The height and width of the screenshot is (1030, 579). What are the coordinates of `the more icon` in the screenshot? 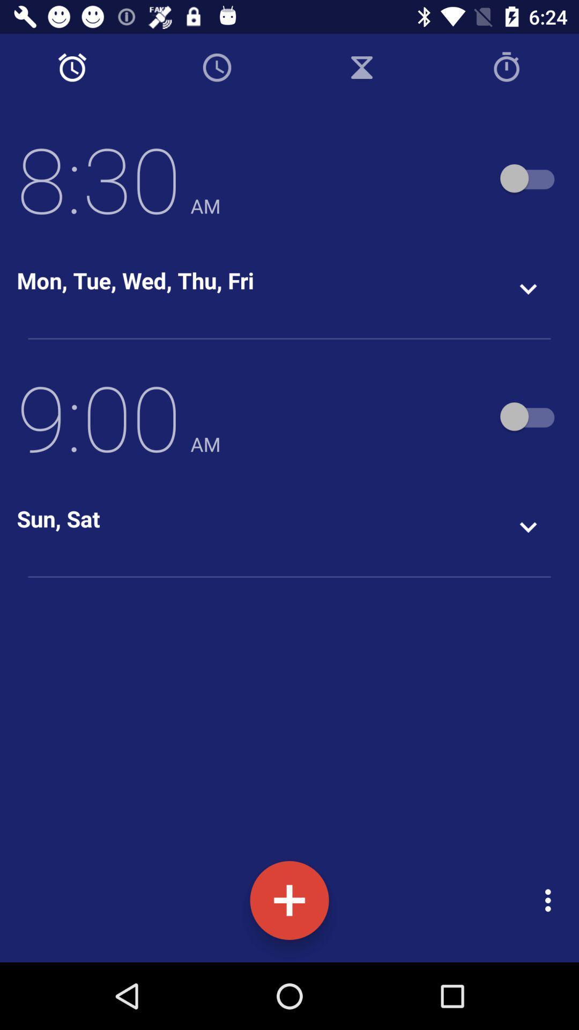 It's located at (551, 900).